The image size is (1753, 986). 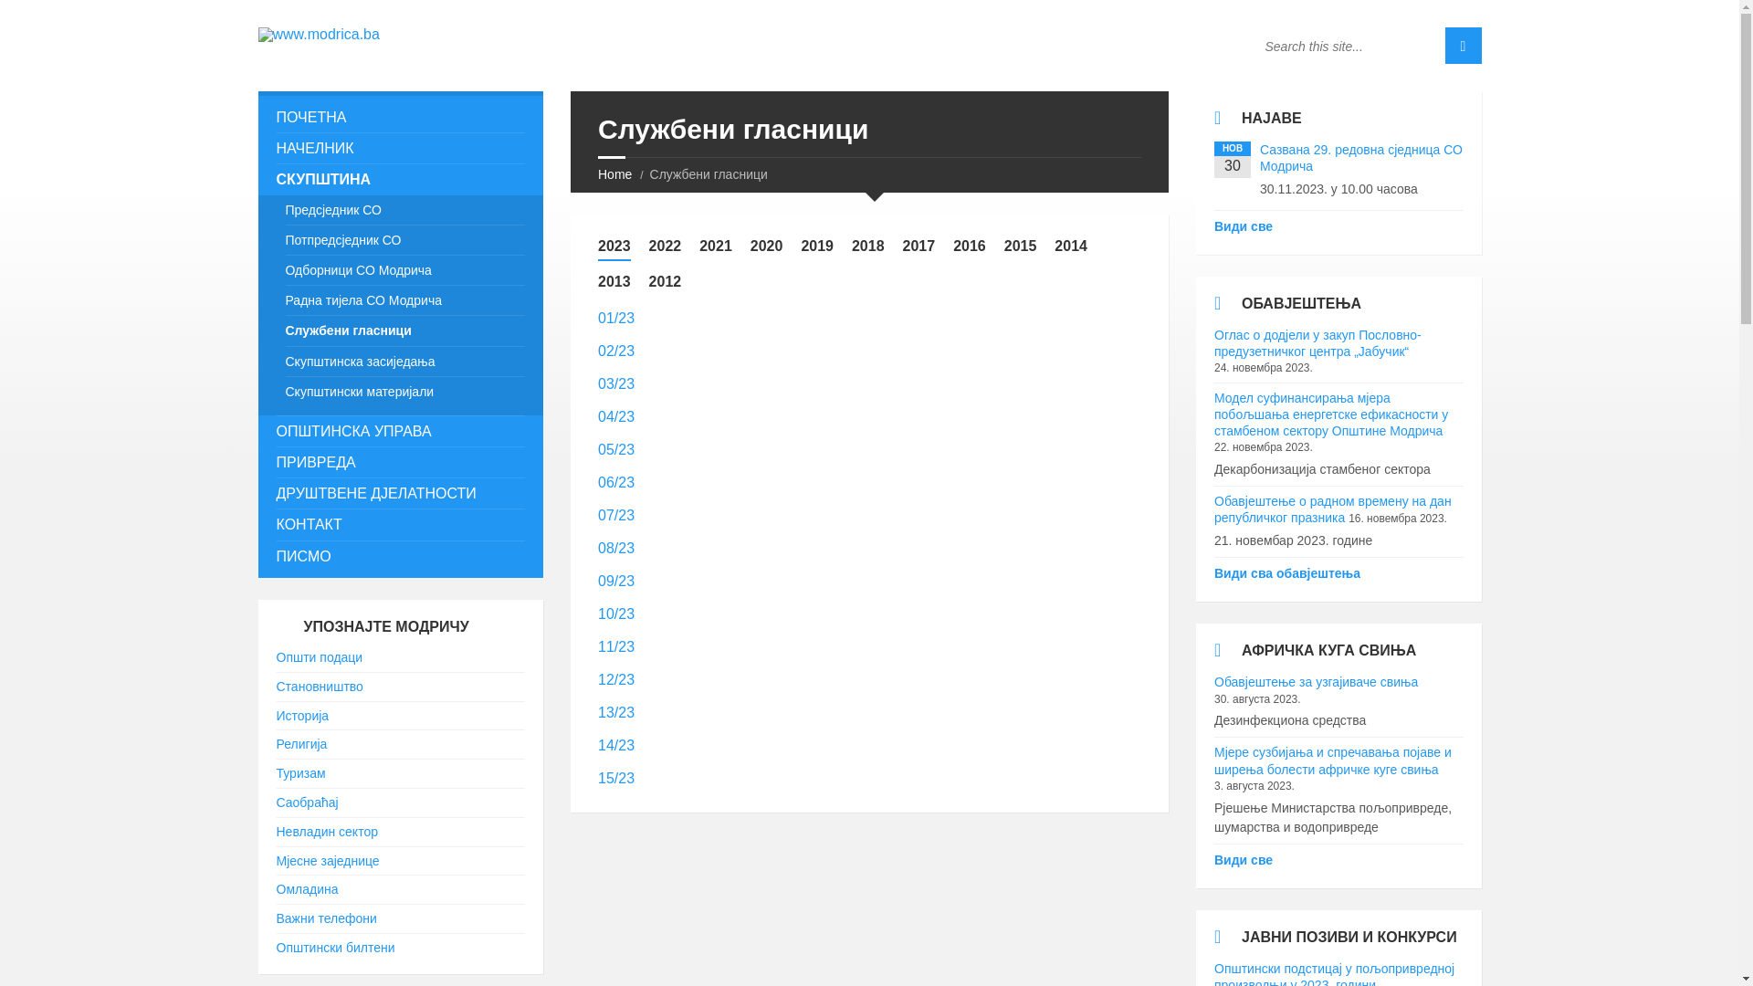 What do you see at coordinates (616, 351) in the screenshot?
I see `'02/23'` at bounding box center [616, 351].